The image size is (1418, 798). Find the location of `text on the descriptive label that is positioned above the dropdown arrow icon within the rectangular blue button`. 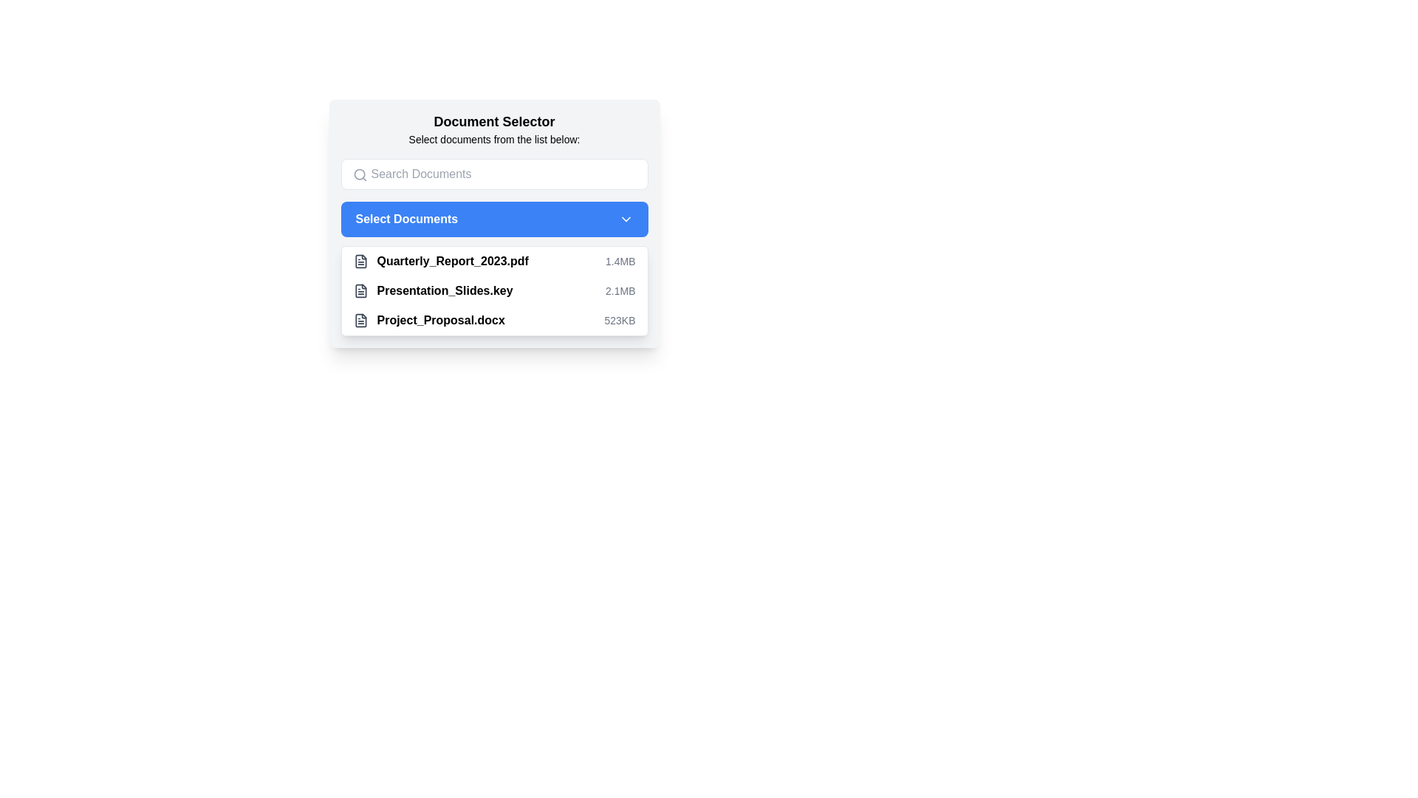

text on the descriptive label that is positioned above the dropdown arrow icon within the rectangular blue button is located at coordinates (406, 219).